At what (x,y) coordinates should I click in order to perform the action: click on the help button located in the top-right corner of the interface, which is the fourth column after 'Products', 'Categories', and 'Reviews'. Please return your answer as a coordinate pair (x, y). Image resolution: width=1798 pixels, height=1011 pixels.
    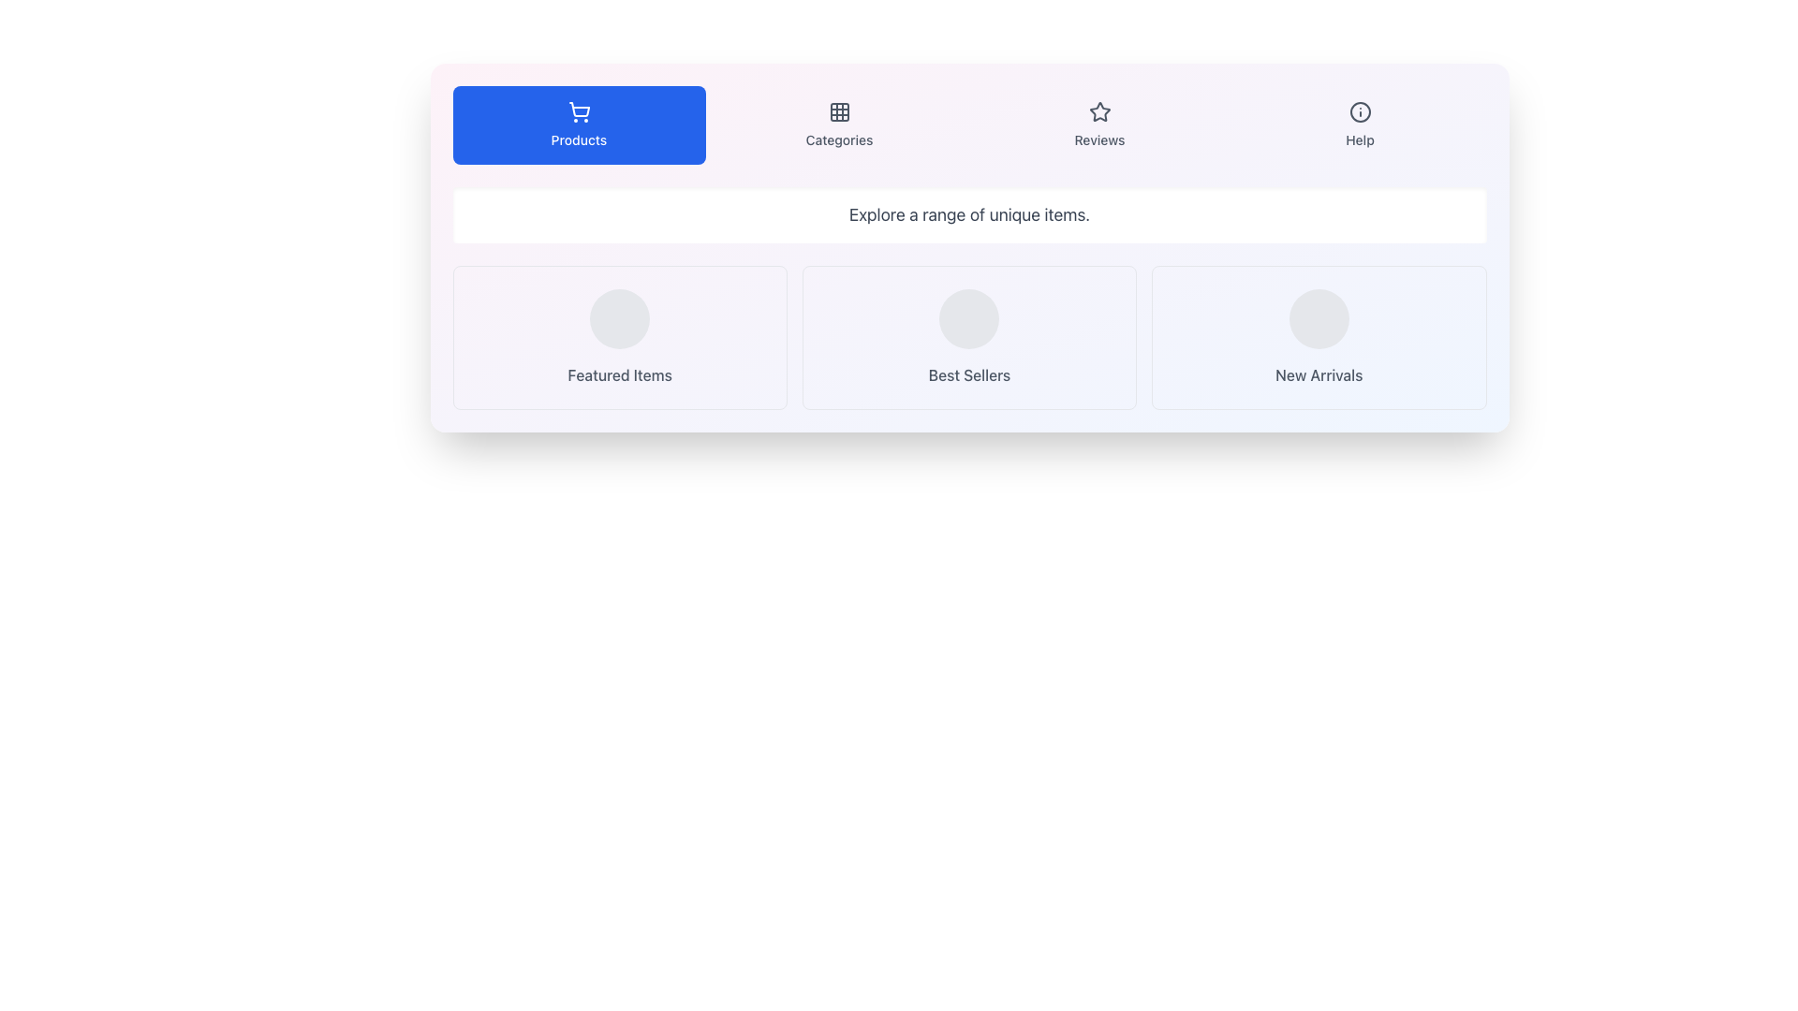
    Looking at the image, I should click on (1360, 125).